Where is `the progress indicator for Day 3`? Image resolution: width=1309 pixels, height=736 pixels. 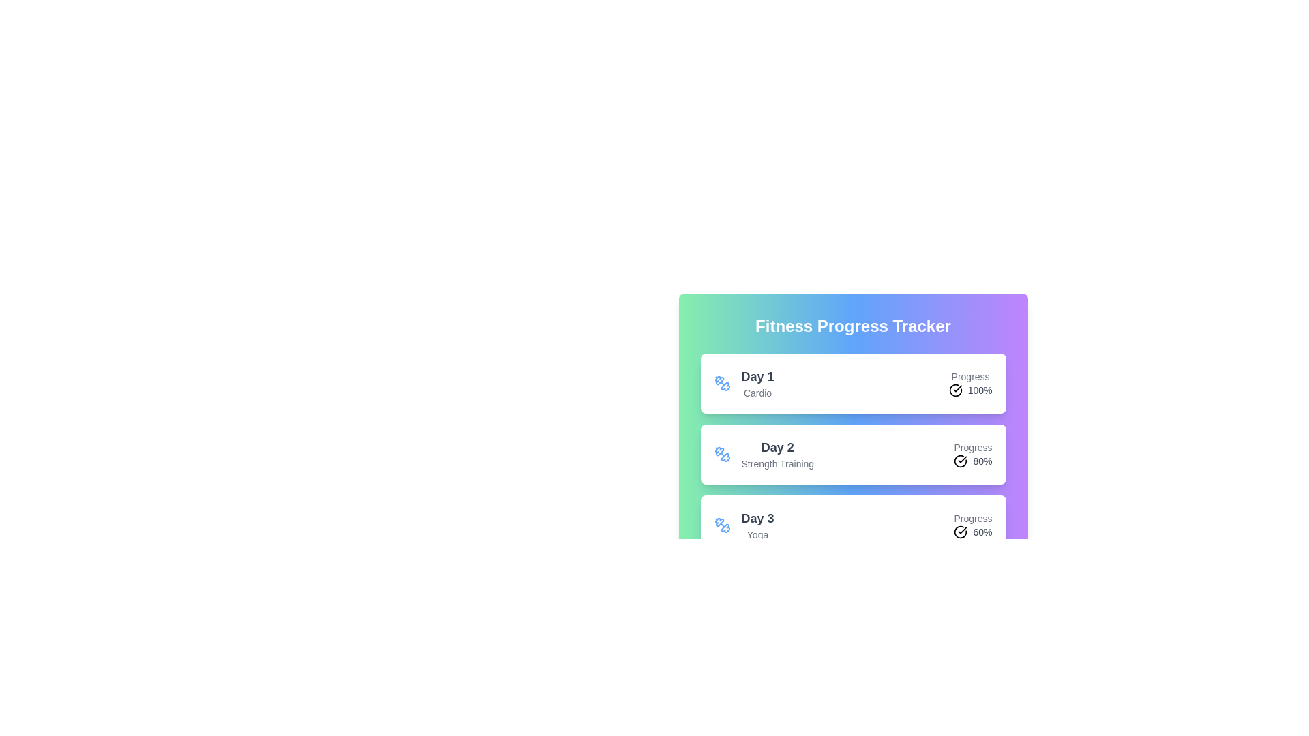 the progress indicator for Day 3 is located at coordinates (972, 525).